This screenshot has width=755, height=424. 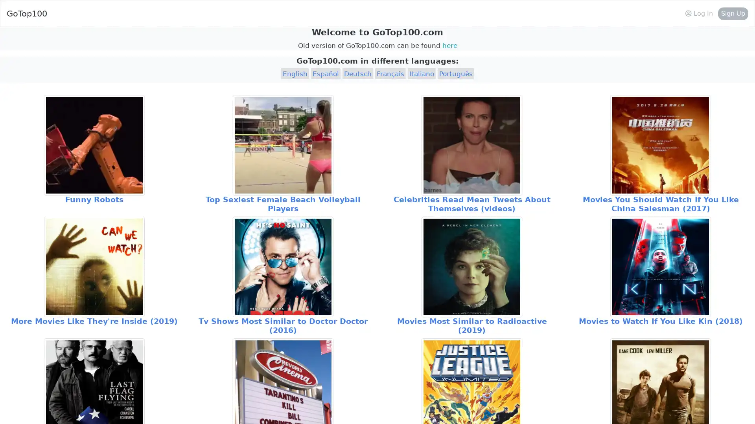 I want to click on Log In, so click(x=699, y=13).